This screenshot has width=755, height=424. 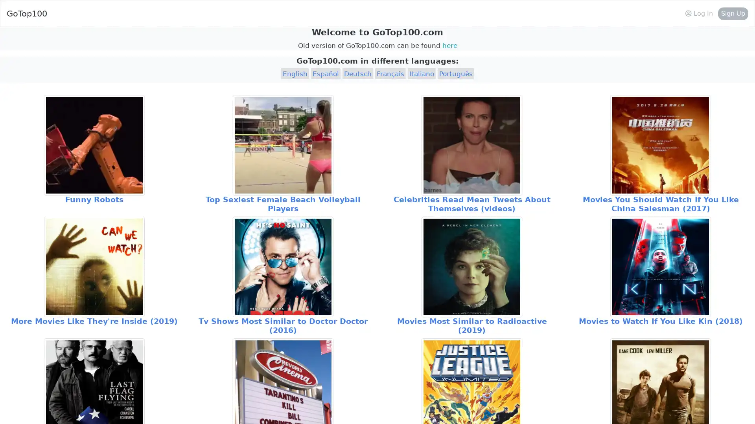 I want to click on Log In, so click(x=699, y=13).